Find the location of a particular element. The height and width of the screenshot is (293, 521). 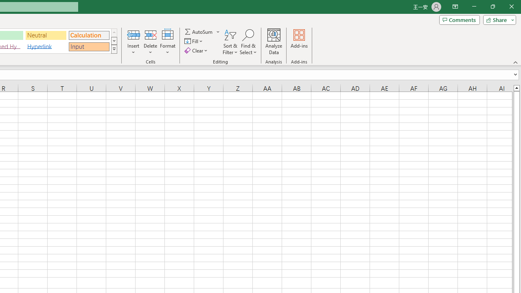

'Calculation' is located at coordinates (89, 35).